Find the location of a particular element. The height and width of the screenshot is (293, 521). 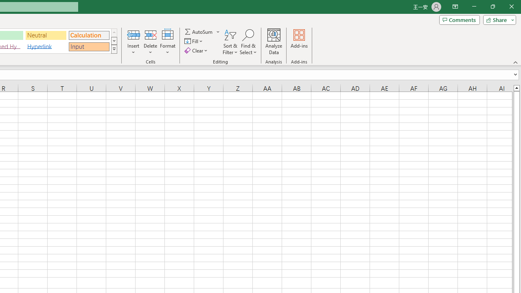

'Calculation' is located at coordinates (89, 35).